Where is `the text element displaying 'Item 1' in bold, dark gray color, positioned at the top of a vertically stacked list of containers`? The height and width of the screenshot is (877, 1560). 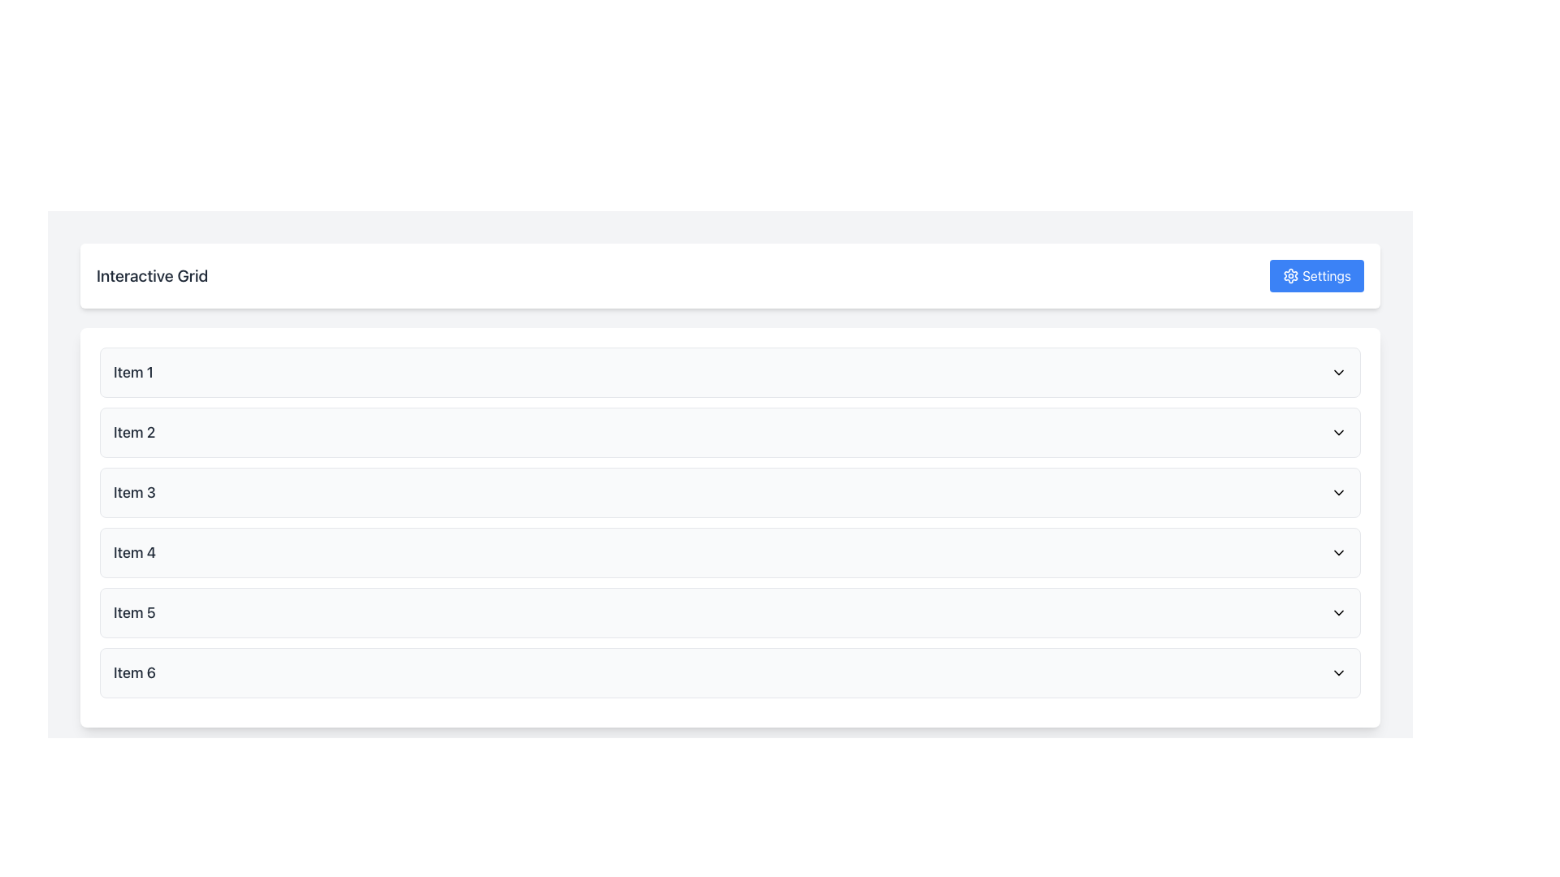
the text element displaying 'Item 1' in bold, dark gray color, positioned at the top of a vertically stacked list of containers is located at coordinates (133, 373).